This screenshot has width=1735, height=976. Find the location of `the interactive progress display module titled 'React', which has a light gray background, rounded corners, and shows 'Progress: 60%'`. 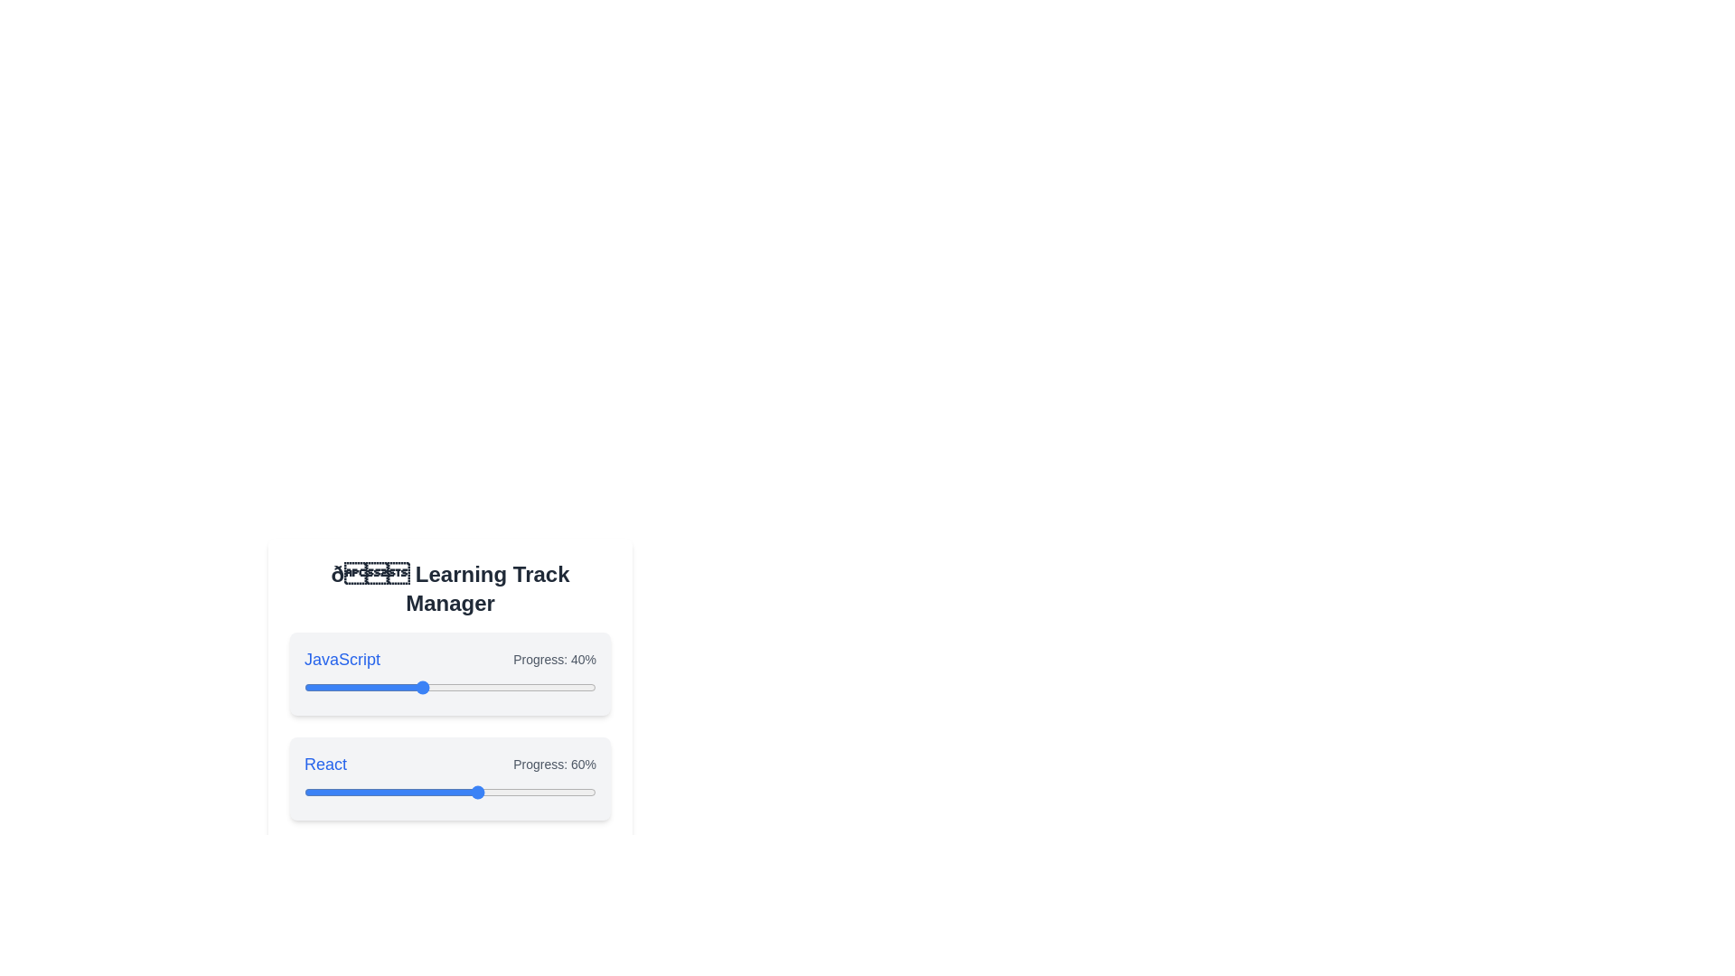

the interactive progress display module titled 'React', which has a light gray background, rounded corners, and shows 'Progress: 60%' is located at coordinates (450, 777).